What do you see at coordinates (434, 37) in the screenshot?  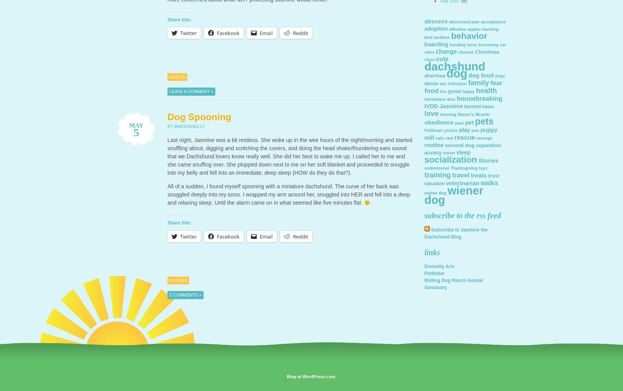 I see `'bedtime'` at bounding box center [434, 37].